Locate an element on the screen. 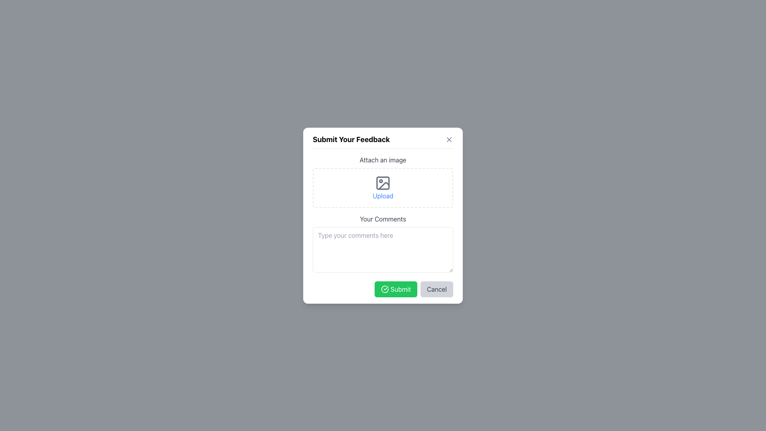  the Close Button icon, which is represented as an 'X' mark in the top-right corner of the dialog box is located at coordinates (449, 139).